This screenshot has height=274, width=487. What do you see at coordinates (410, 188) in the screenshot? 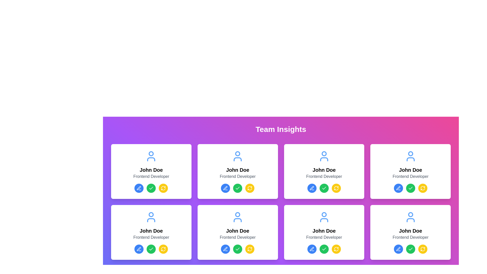
I see `the green circular confirmation button with a white checkmark, located at the bottom-right corner of the second user card in the second row, positioned between a blue pencil icon and a yellow refresh icon` at bounding box center [410, 188].